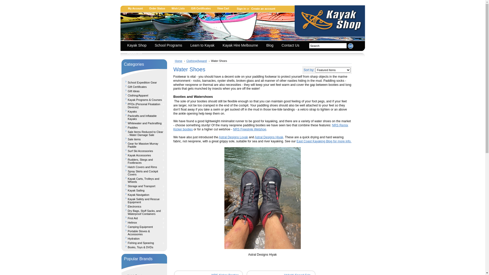 The width and height of the screenshot is (489, 275). I want to click on 'Create an account', so click(250, 9).